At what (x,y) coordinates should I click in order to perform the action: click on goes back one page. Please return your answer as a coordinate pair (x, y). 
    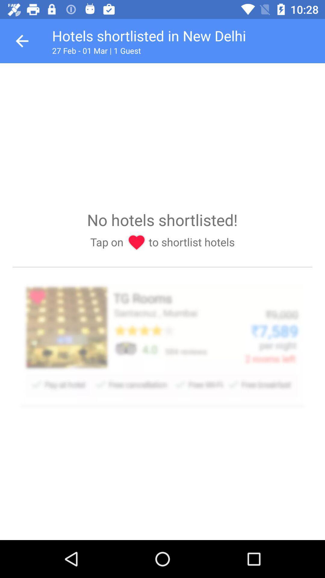
    Looking at the image, I should click on (22, 41).